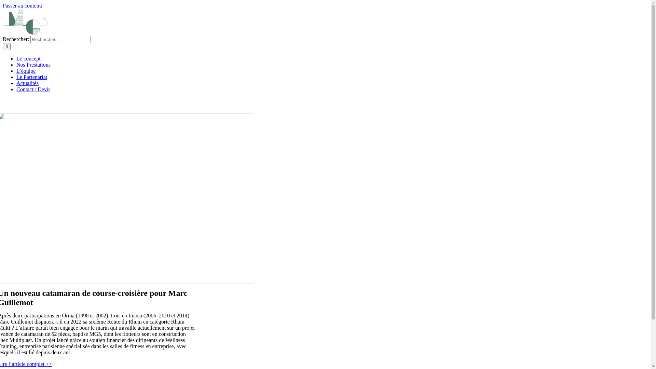 This screenshot has width=656, height=369. I want to click on 'Contact / Devis', so click(33, 89).